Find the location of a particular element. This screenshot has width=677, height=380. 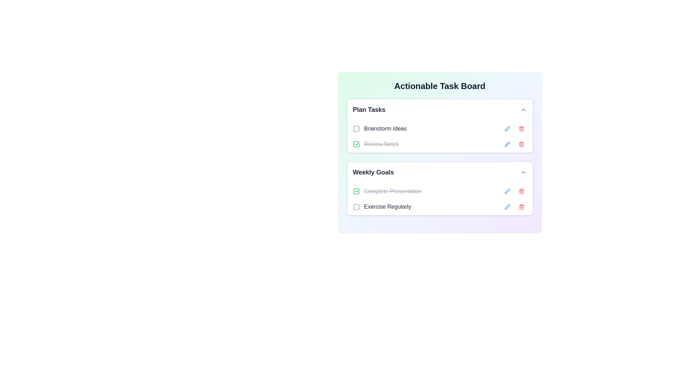

the checkbox next to the 'Brainstorm Ideas' text label in the 'Plan Tasks' section is located at coordinates (379, 129).